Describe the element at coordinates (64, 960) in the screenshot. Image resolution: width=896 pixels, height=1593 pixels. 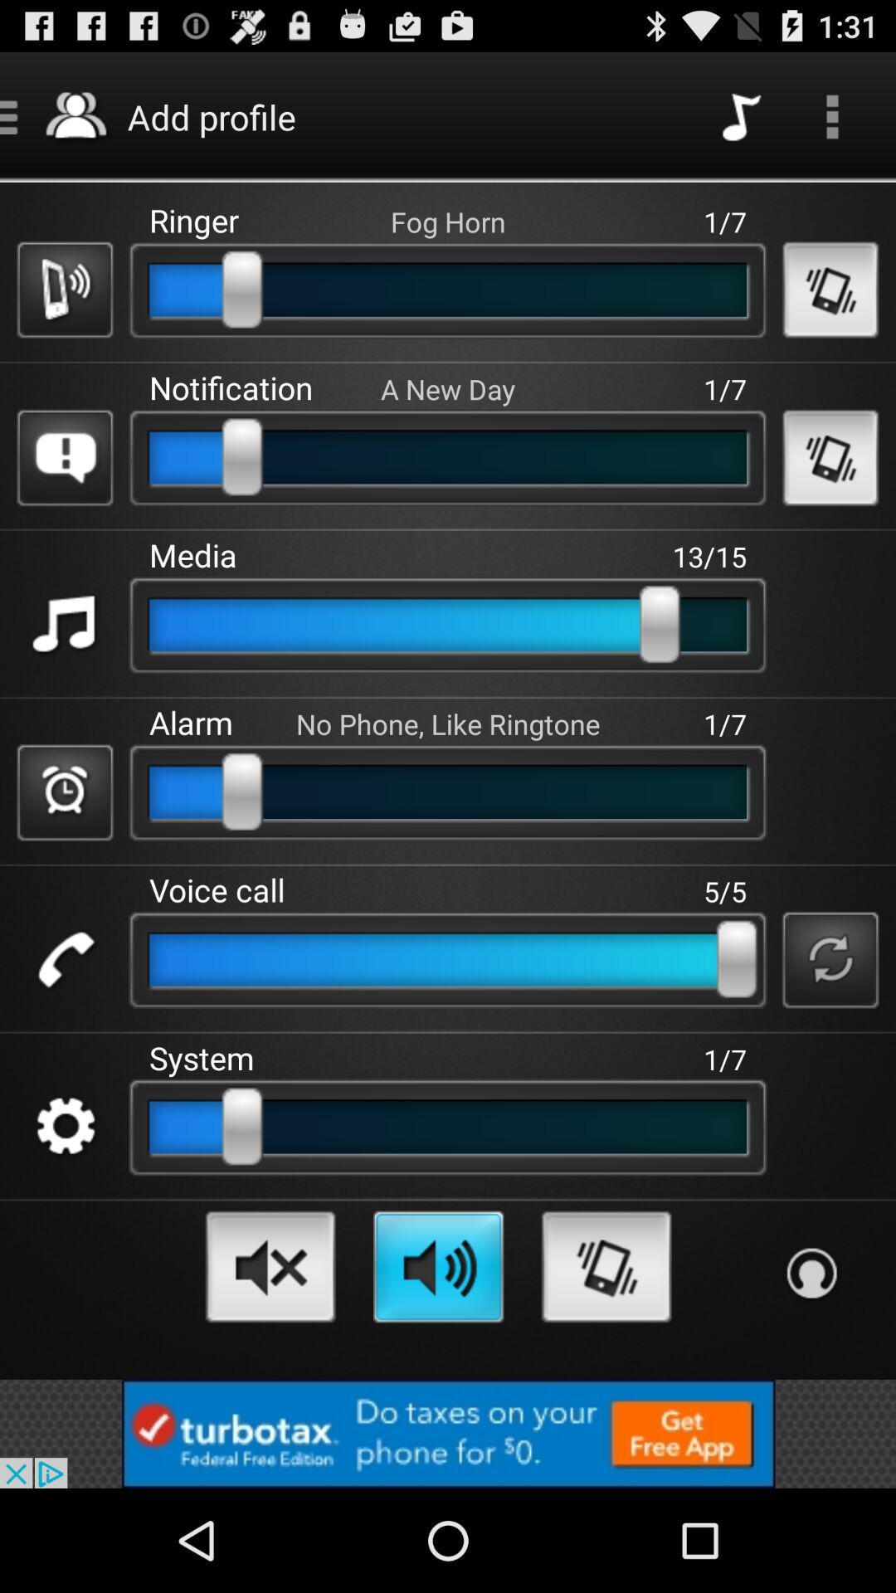
I see `the voice call icon which is below the alarm` at that location.